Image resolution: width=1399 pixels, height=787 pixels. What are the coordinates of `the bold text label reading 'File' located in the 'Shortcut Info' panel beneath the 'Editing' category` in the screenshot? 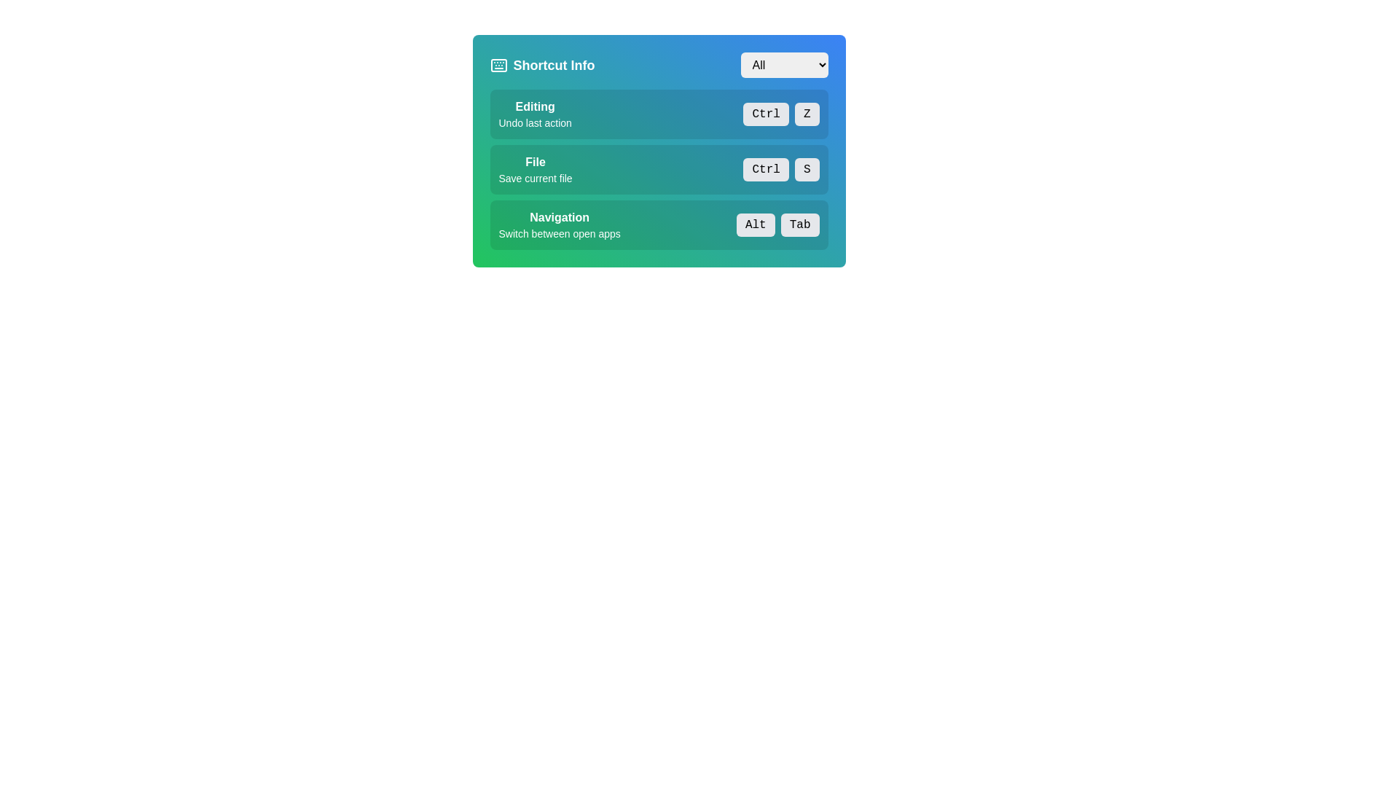 It's located at (535, 163).